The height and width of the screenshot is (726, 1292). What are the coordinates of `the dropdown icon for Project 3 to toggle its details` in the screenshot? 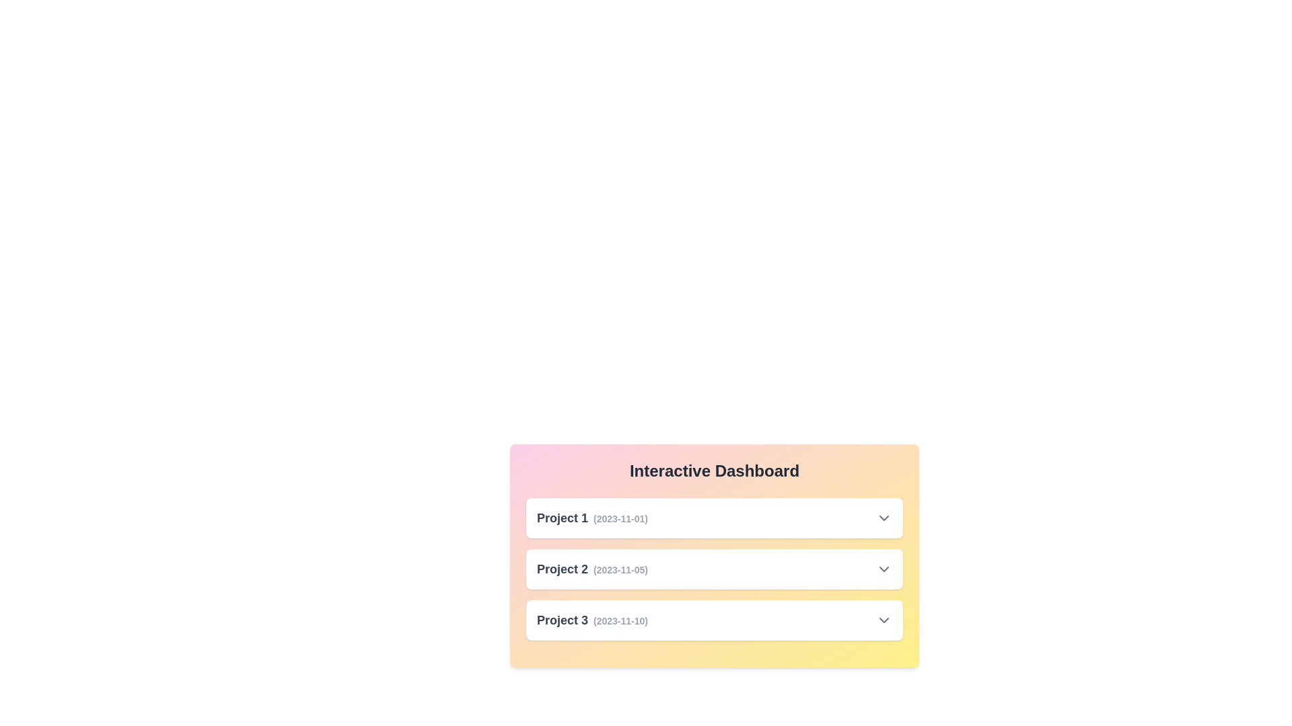 It's located at (884, 620).